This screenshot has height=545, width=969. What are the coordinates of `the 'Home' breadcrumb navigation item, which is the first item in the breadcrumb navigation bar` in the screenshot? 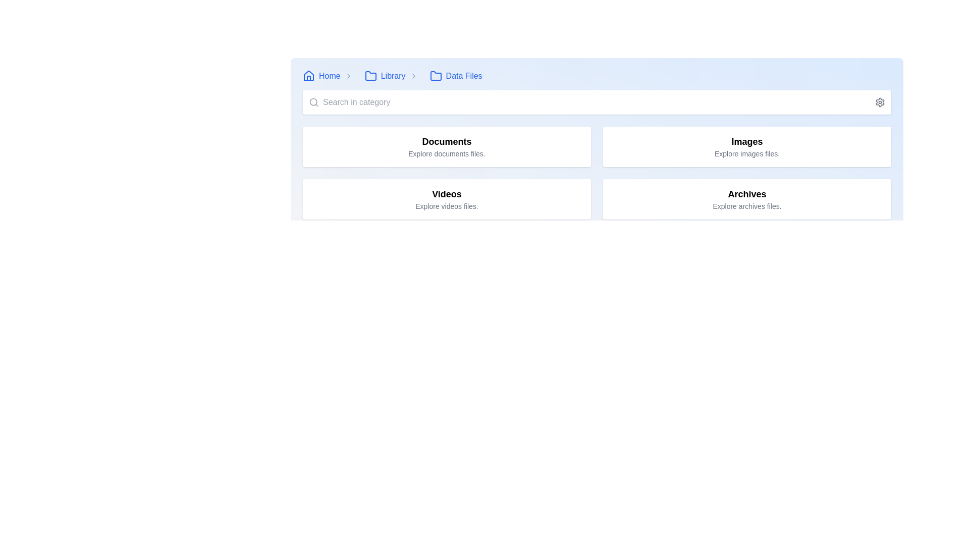 It's located at (330, 75).